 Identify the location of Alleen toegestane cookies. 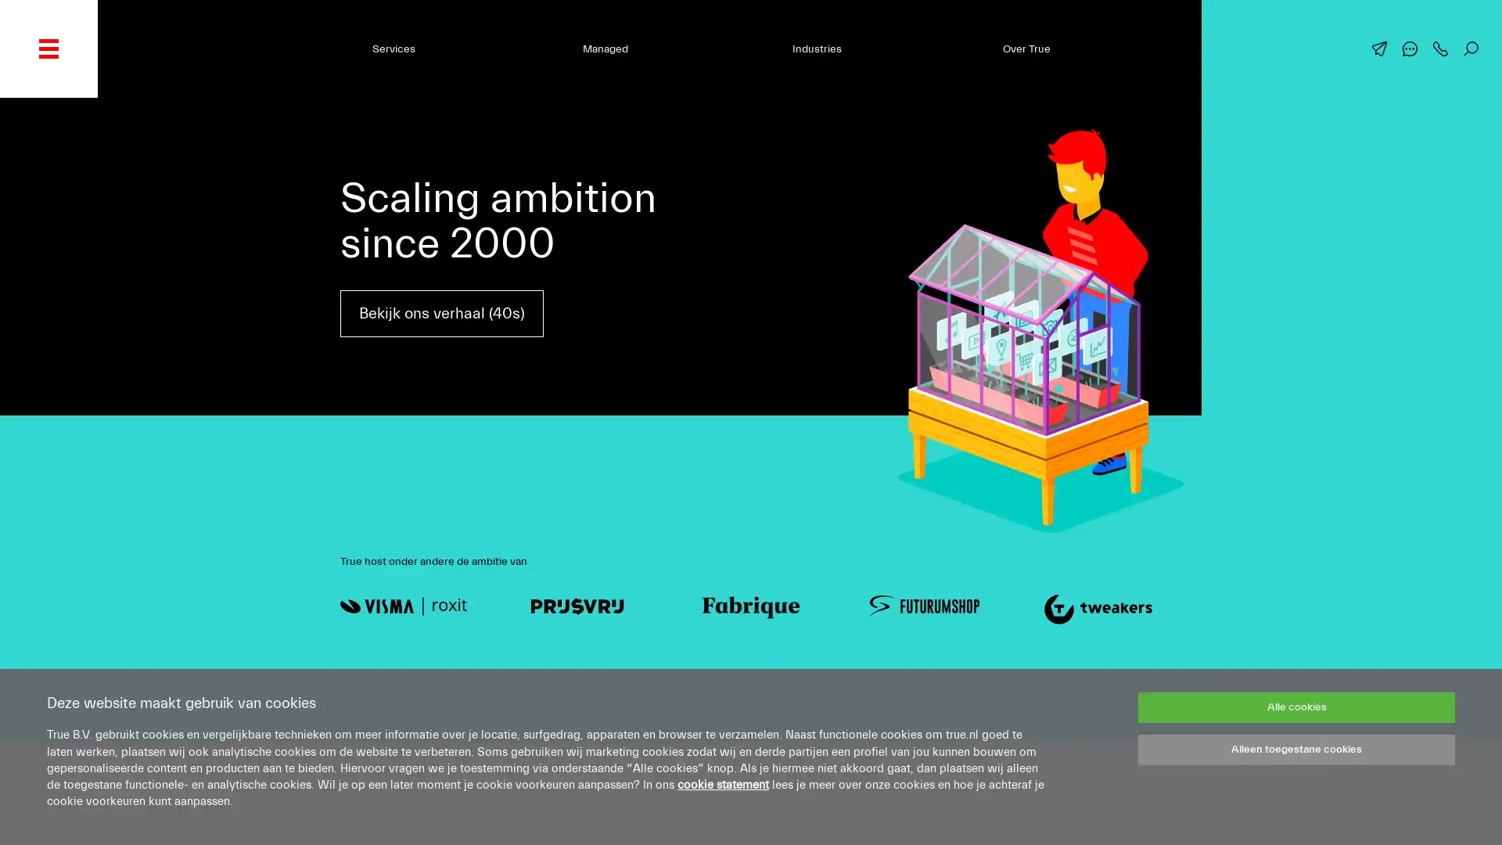
(1296, 742).